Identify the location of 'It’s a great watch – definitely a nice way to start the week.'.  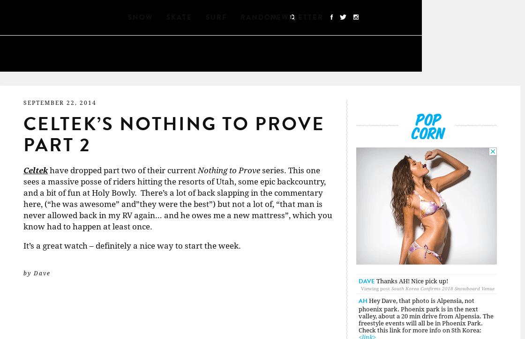
(132, 245).